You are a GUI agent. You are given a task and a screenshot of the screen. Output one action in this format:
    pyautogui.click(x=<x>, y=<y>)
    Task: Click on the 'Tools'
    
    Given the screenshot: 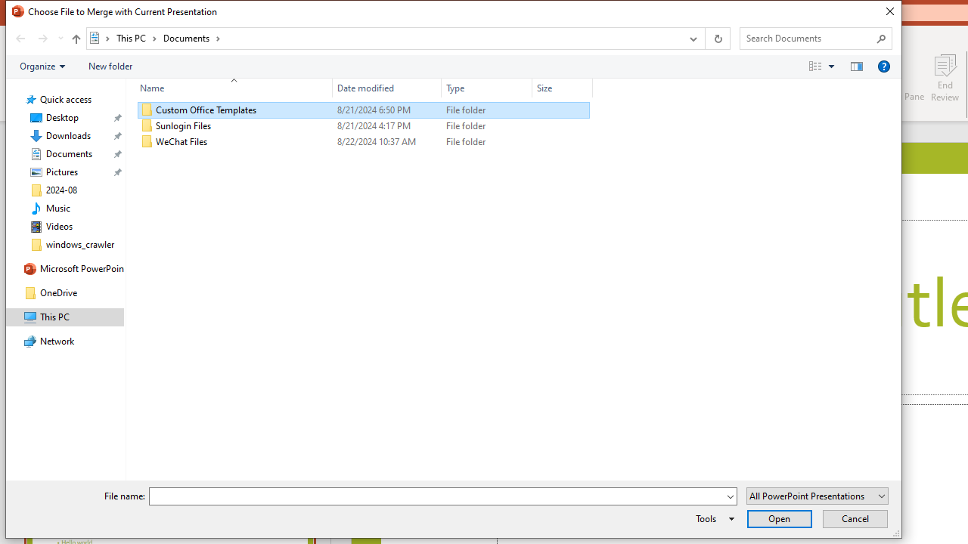 What is the action you would take?
    pyautogui.click(x=712, y=518)
    